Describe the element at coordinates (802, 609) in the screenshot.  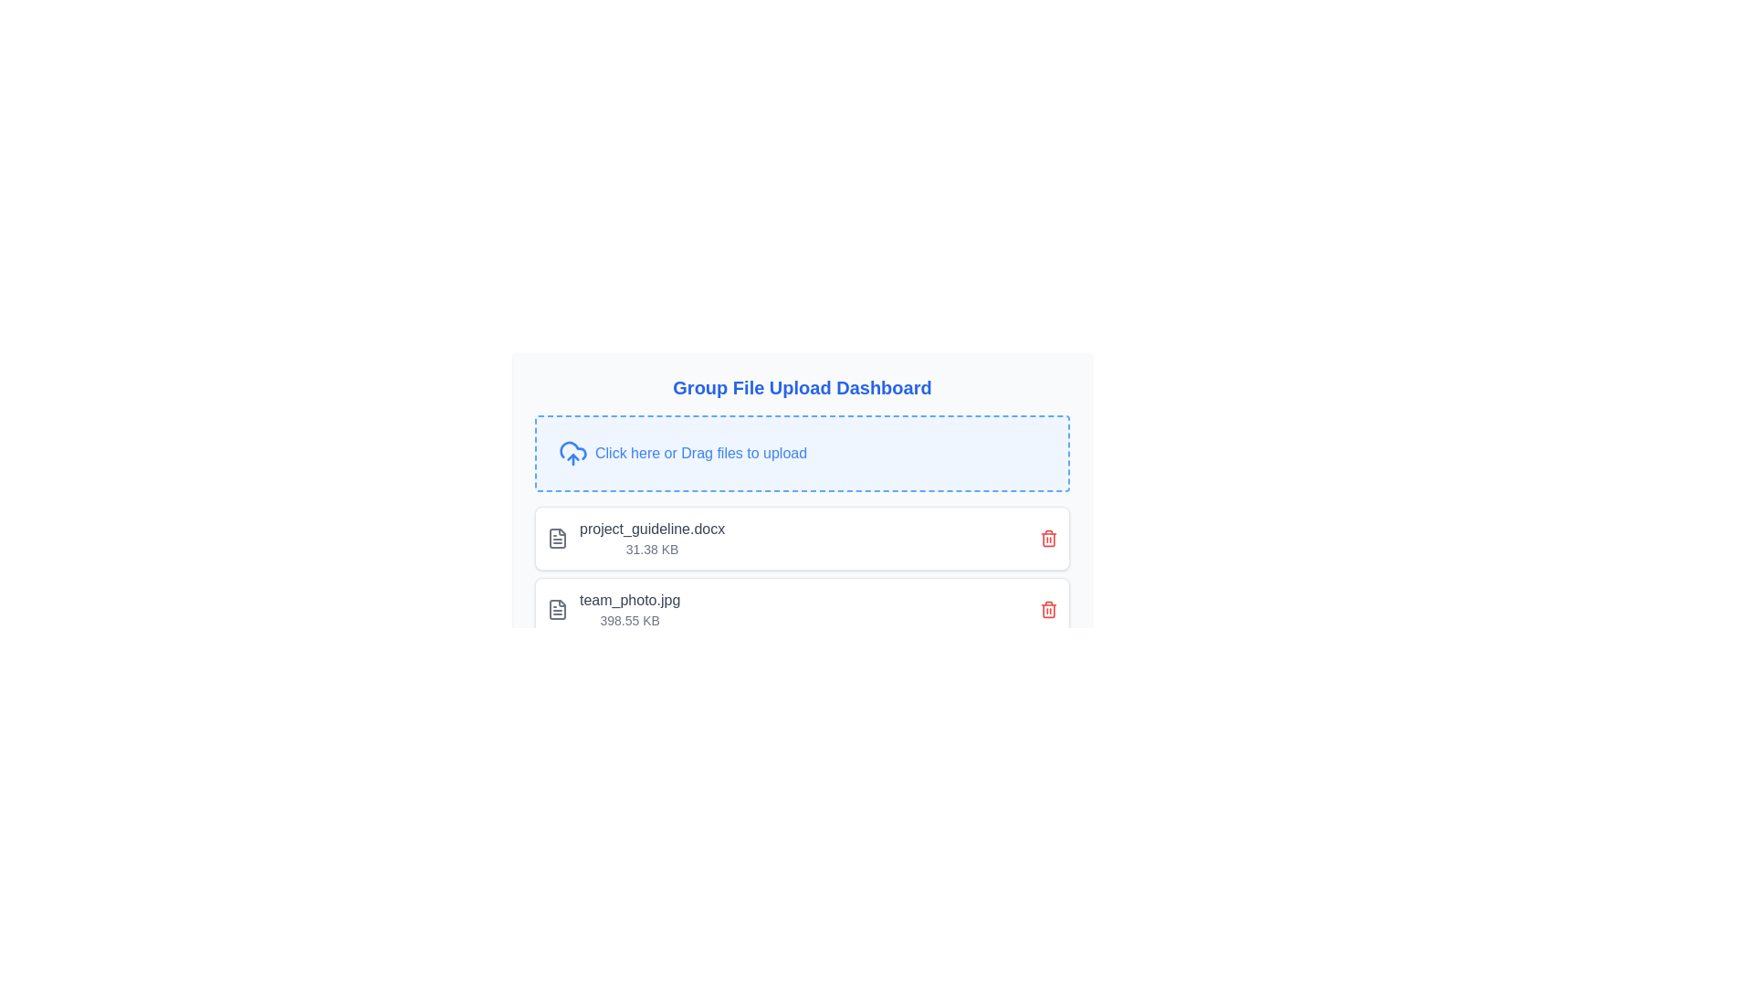
I see `the file entry display for 'team_photo.jpg' which is the second item in the file upload dashboard` at that location.